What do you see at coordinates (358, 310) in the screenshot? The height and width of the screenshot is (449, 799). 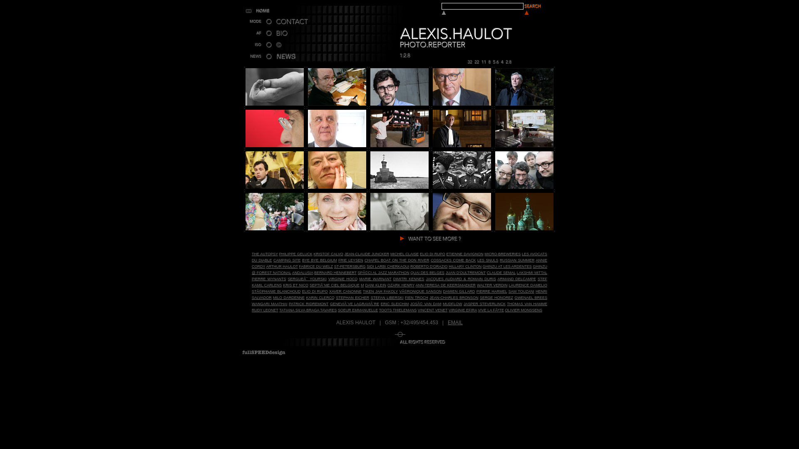 I see `'SOEUR EMMANUELLE'` at bounding box center [358, 310].